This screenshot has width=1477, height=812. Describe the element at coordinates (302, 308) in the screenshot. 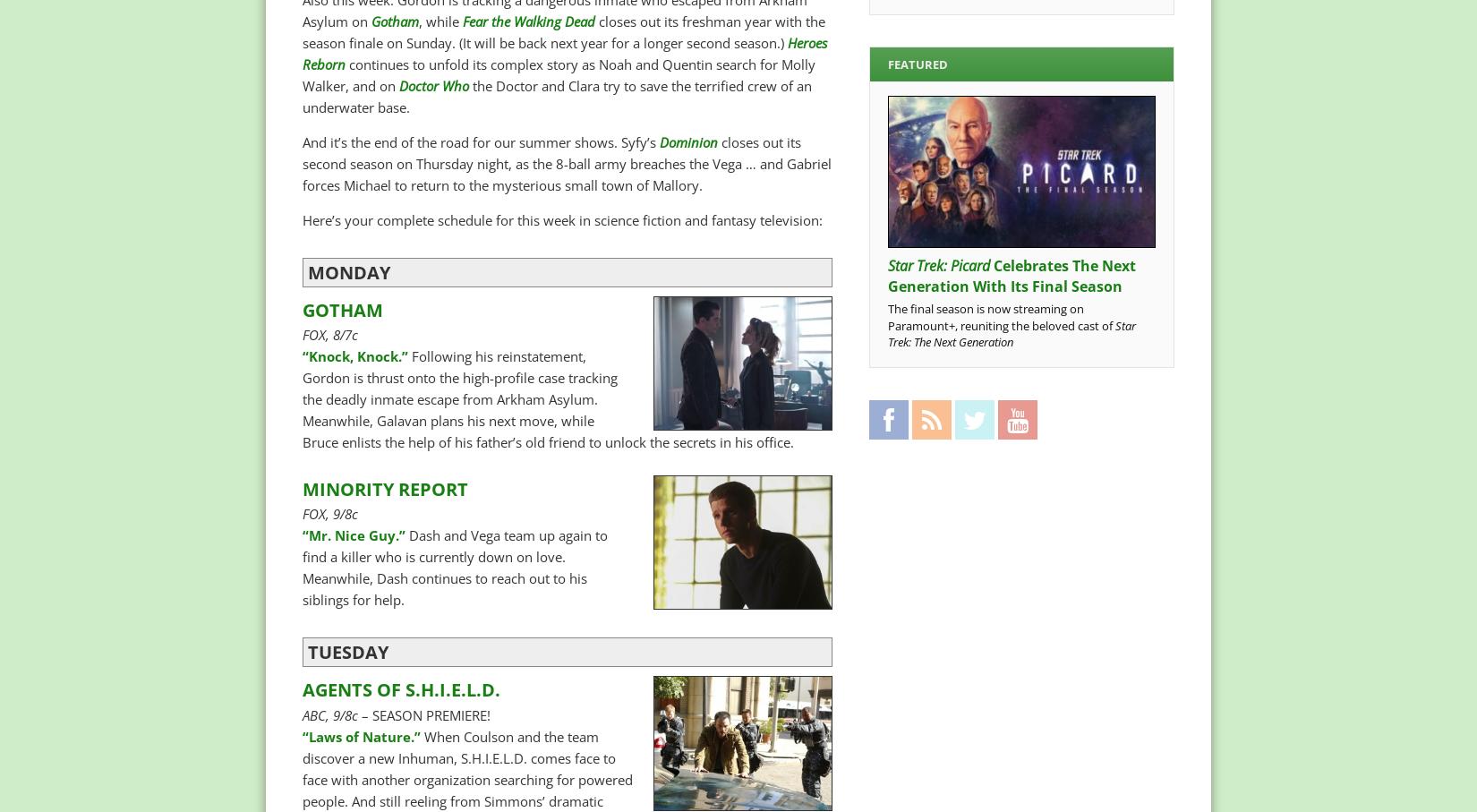

I see `'GOTHAM'` at that location.